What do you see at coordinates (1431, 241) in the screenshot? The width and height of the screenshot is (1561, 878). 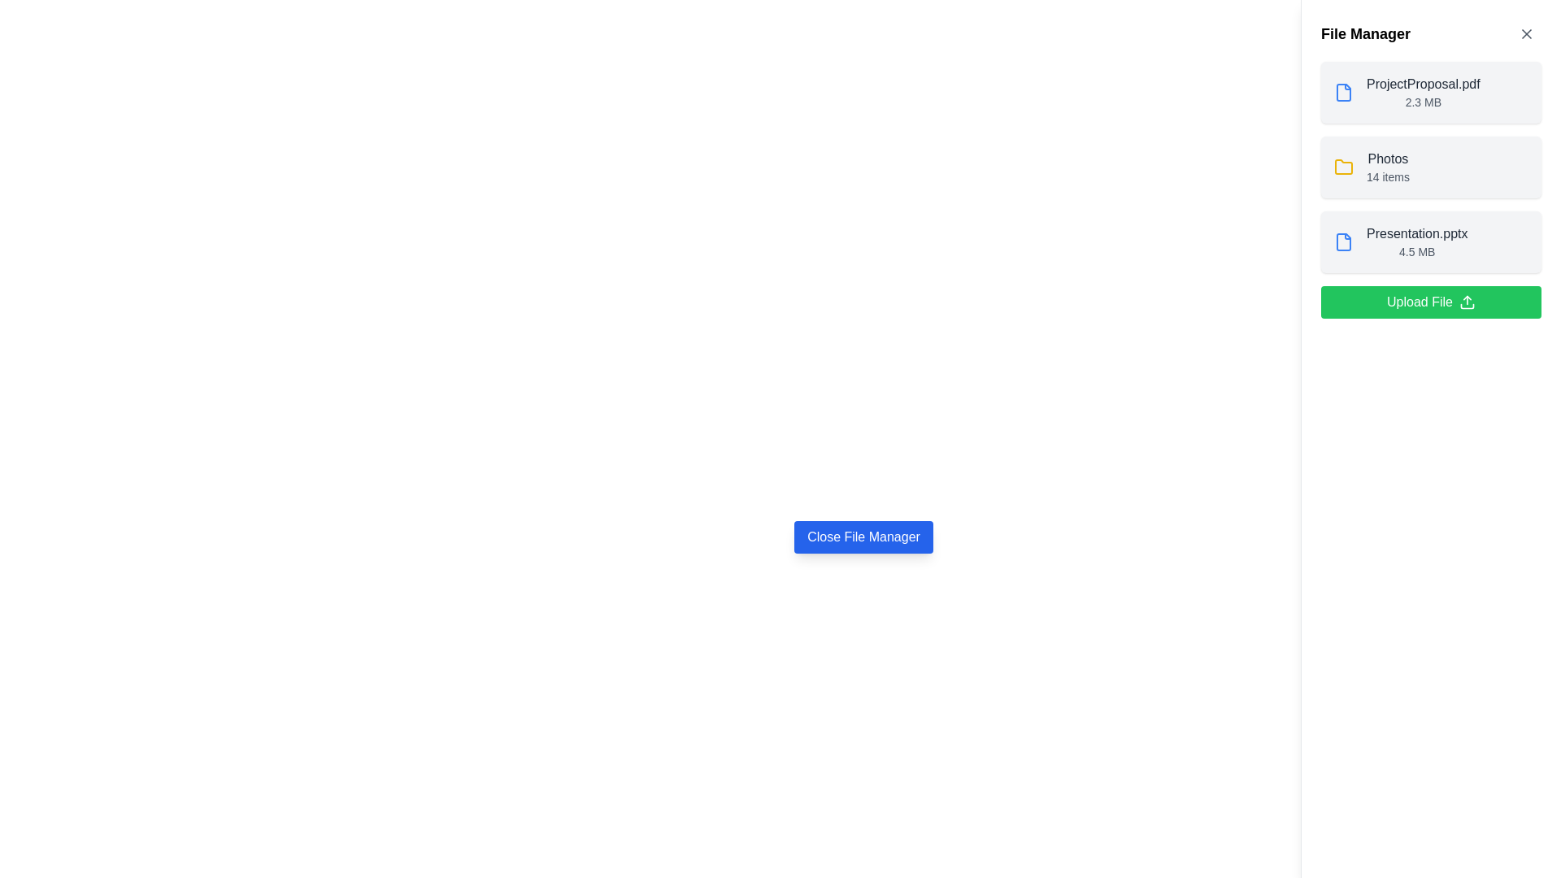 I see `the third list item displaying file information in the 'File Manager' section` at bounding box center [1431, 241].